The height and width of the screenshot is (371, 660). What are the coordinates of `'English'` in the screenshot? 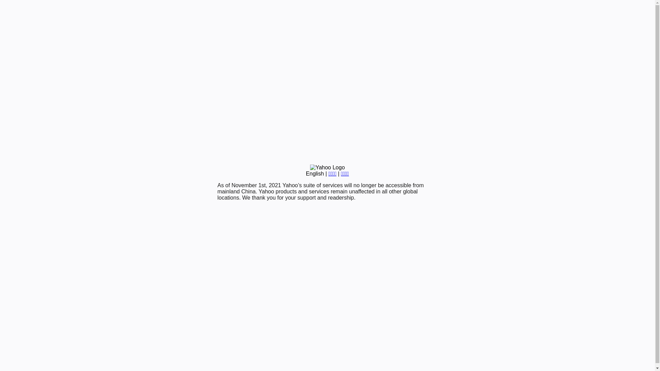 It's located at (315, 173).